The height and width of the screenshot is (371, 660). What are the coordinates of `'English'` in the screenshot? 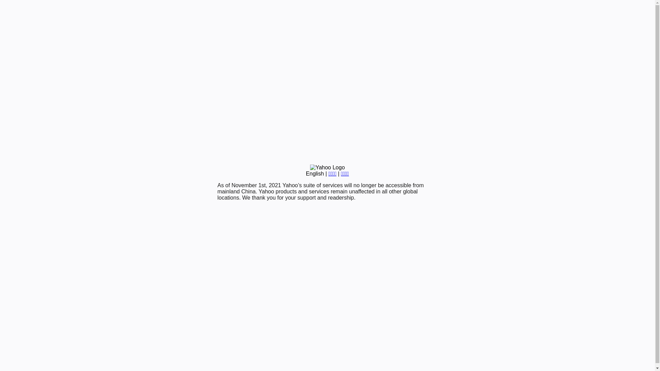 It's located at (315, 173).